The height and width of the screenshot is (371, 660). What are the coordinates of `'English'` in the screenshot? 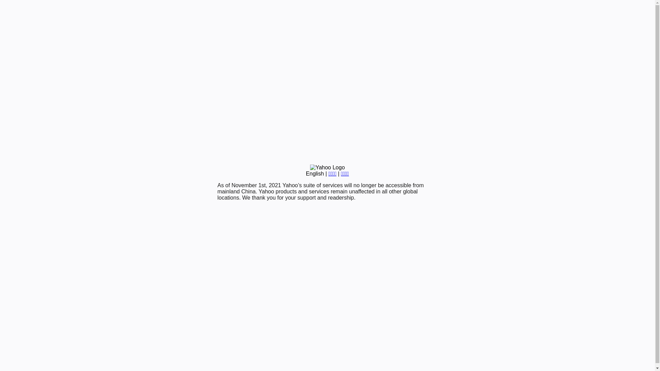 It's located at (315, 173).